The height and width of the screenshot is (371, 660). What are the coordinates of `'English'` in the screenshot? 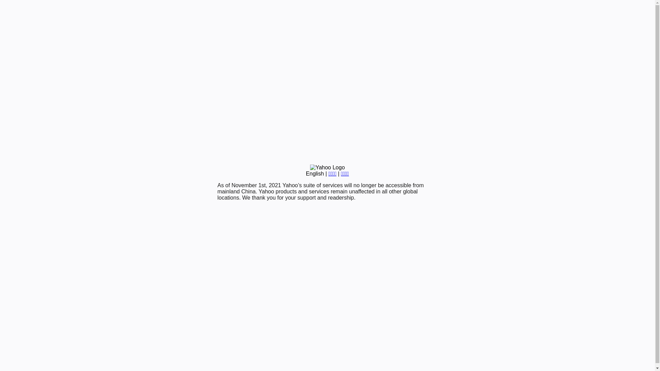 It's located at (315, 173).